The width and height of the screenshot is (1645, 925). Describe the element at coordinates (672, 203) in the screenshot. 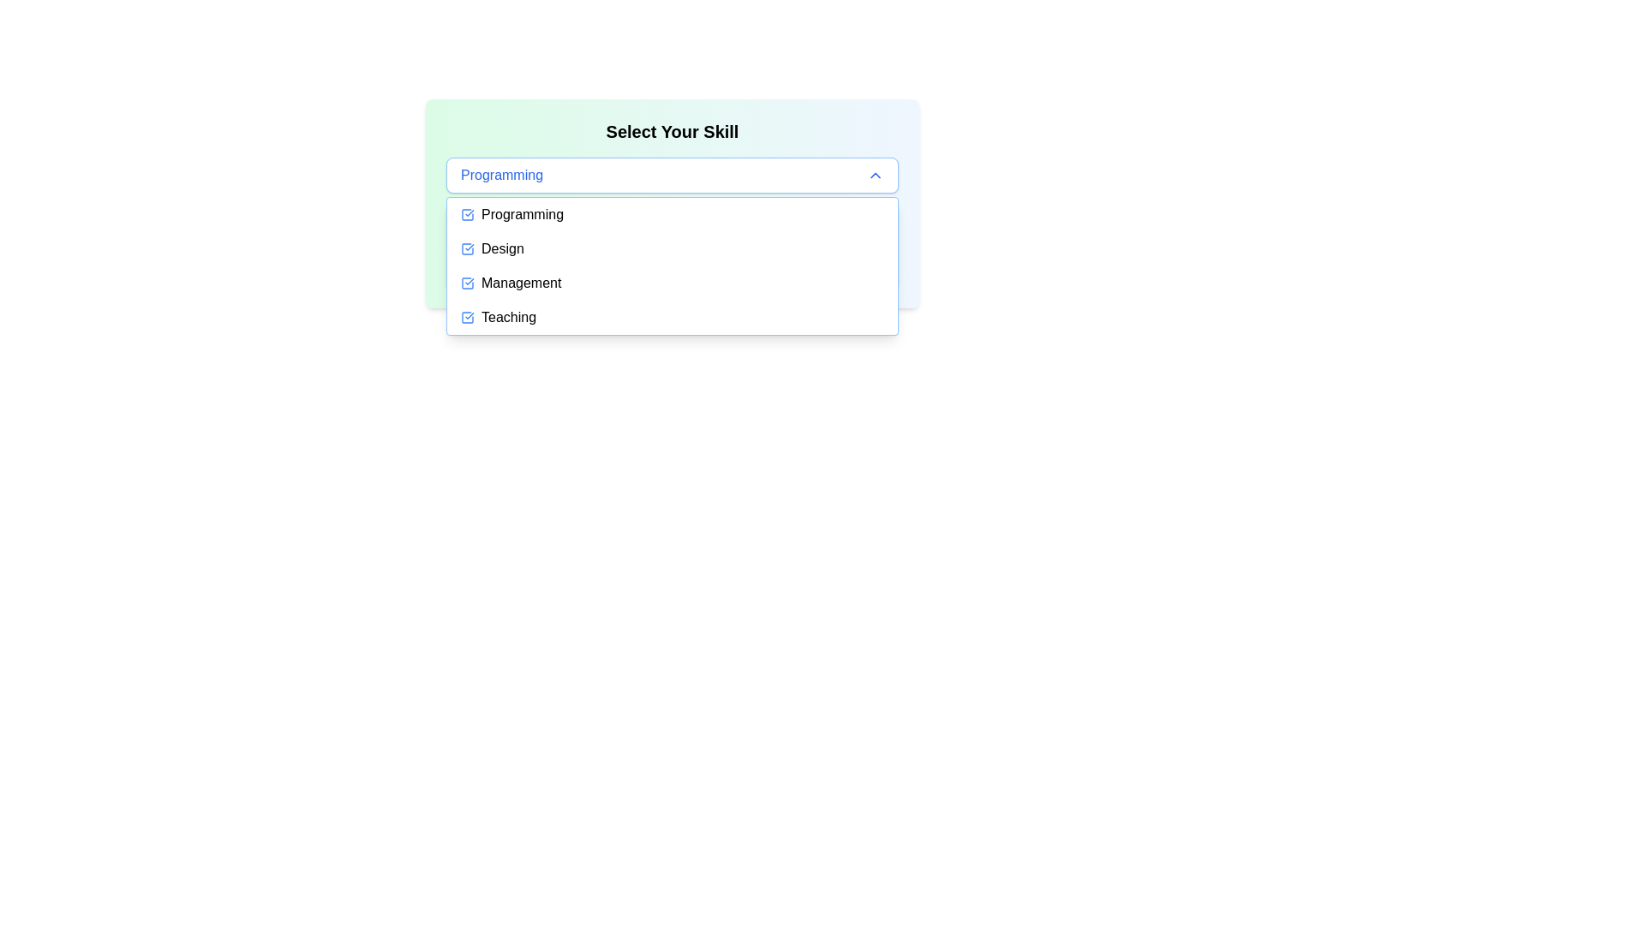

I see `the central dropdown menu to choose a skill from the list of options` at that location.